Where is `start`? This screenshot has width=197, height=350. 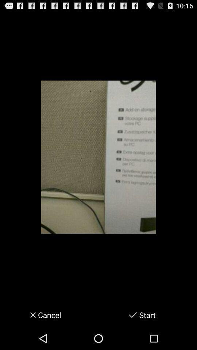 start is located at coordinates (132, 315).